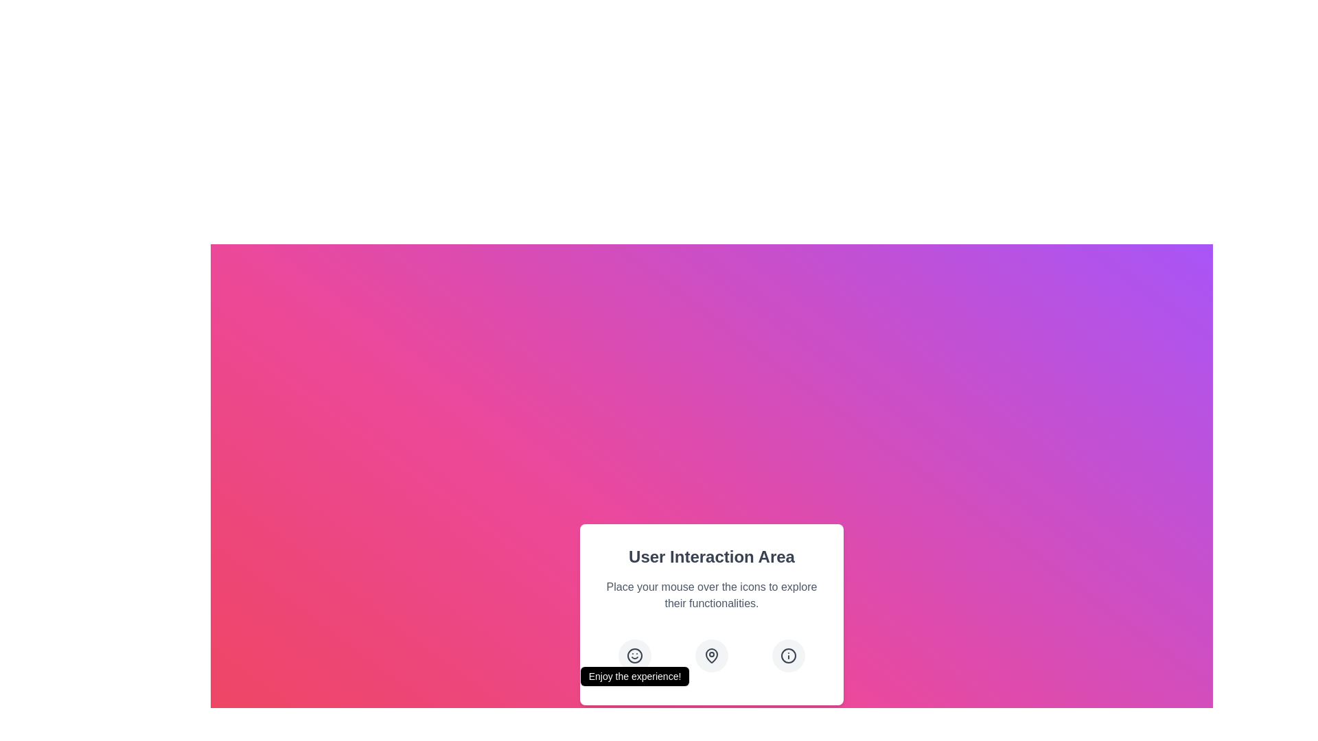 This screenshot has width=1318, height=741. I want to click on instructions displayed in the muted gray text saying 'Place your mouse over the icons to explore their functionalities.' which is located in a rectangular card below the title 'User Interaction Area', so click(711, 594).